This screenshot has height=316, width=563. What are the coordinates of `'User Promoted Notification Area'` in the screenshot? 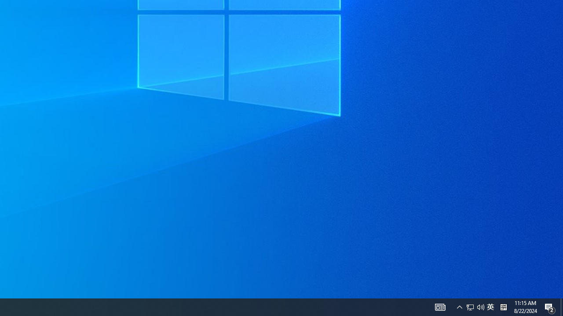 It's located at (475, 306).